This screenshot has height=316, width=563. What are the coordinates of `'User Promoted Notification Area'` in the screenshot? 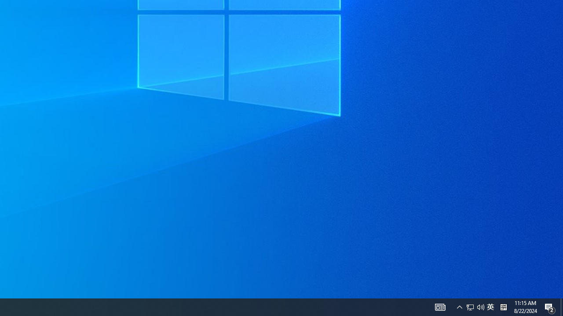 It's located at (475, 306).